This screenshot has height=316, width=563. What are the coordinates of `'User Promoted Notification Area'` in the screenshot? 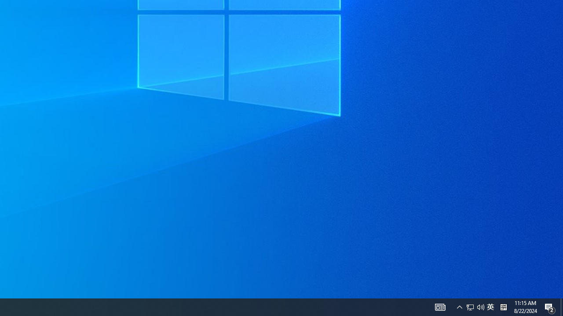 It's located at (475, 306).